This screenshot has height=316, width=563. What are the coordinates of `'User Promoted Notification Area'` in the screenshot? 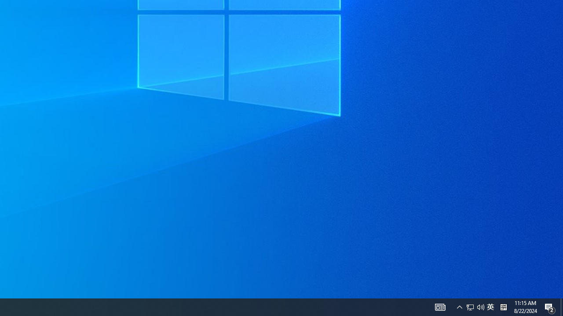 It's located at (475, 306).